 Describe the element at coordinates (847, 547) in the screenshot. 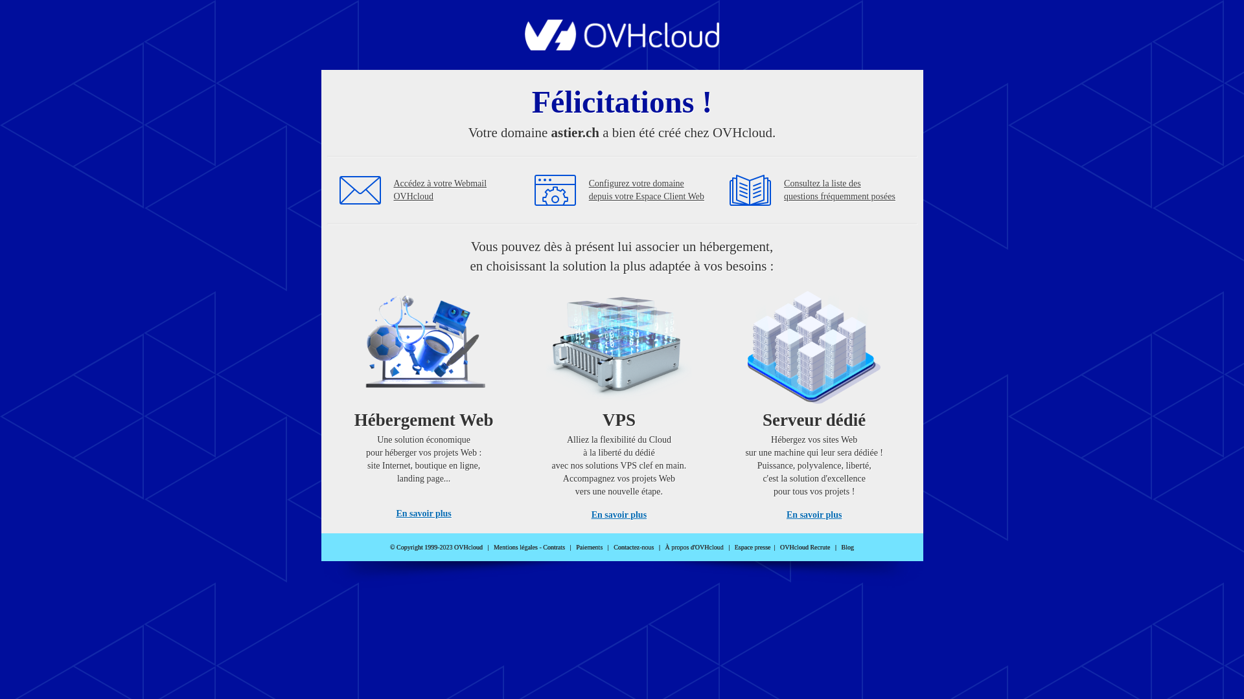

I see `'Blog'` at that location.